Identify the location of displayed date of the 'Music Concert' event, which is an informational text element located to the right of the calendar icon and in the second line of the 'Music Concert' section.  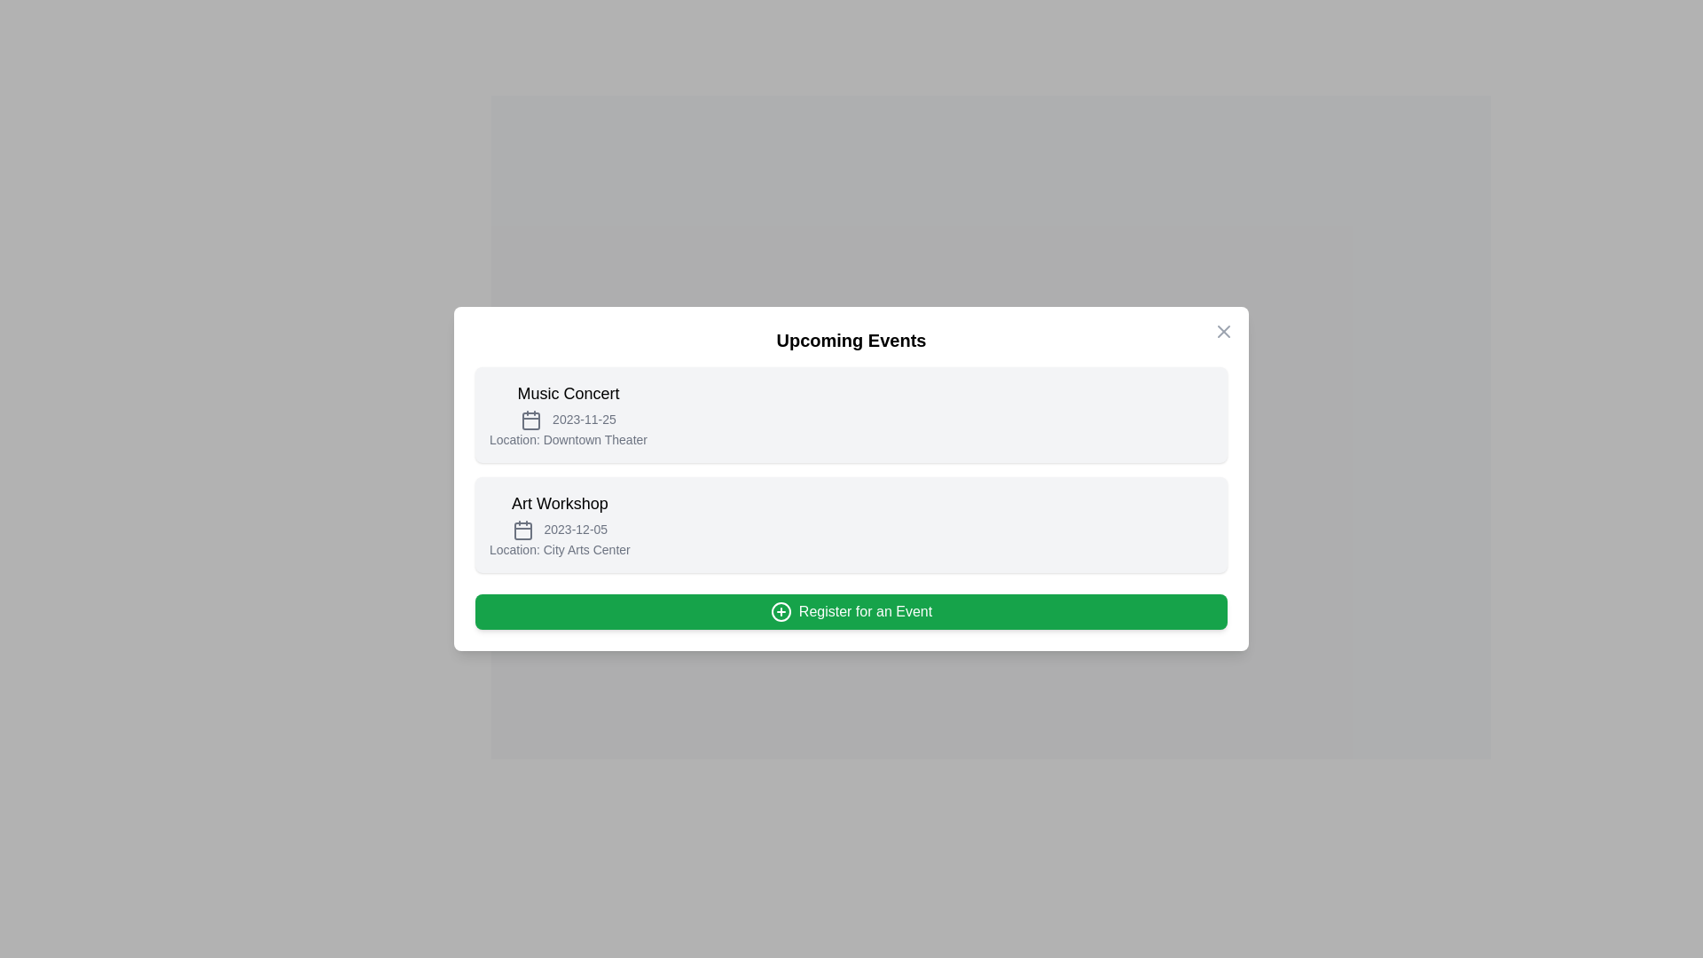
(568, 420).